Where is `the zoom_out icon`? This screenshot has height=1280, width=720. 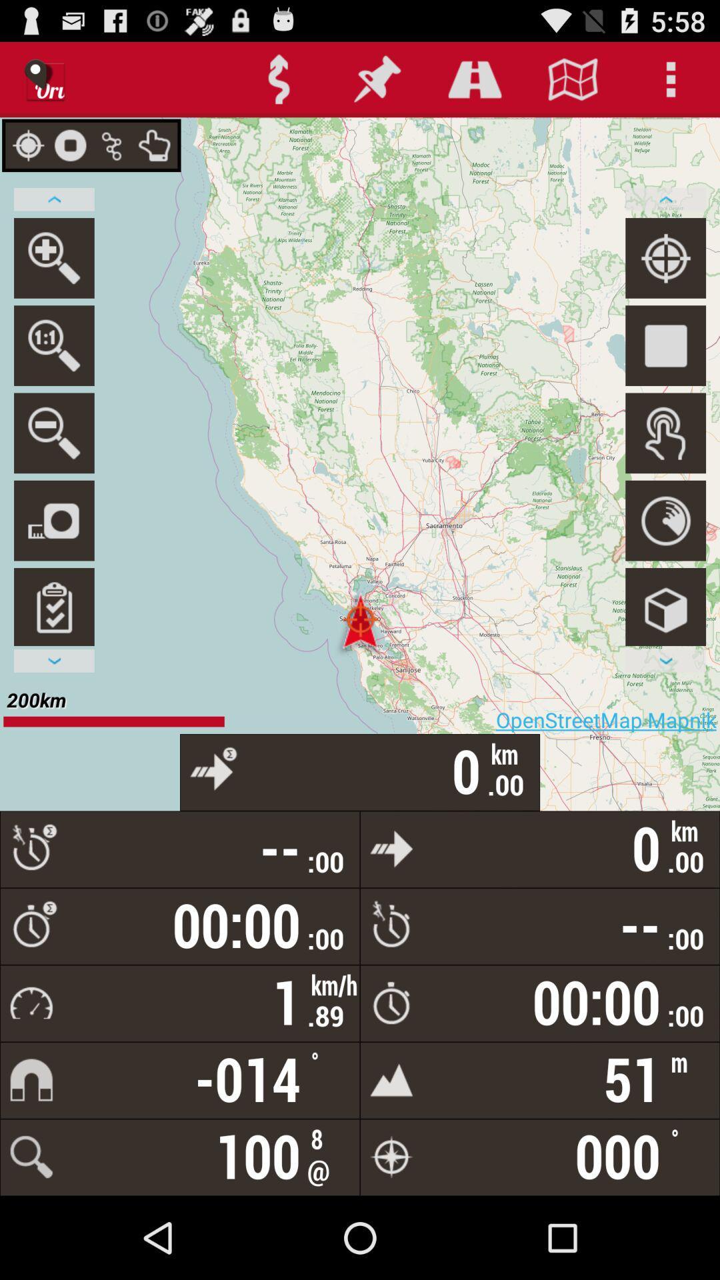
the zoom_out icon is located at coordinates (53, 463).